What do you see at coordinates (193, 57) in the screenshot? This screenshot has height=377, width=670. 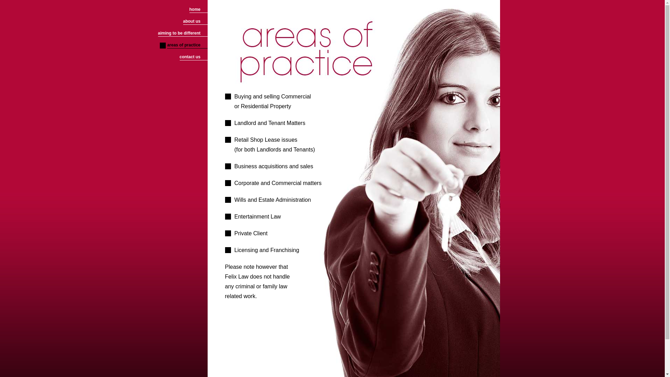 I see `'contact us'` at bounding box center [193, 57].